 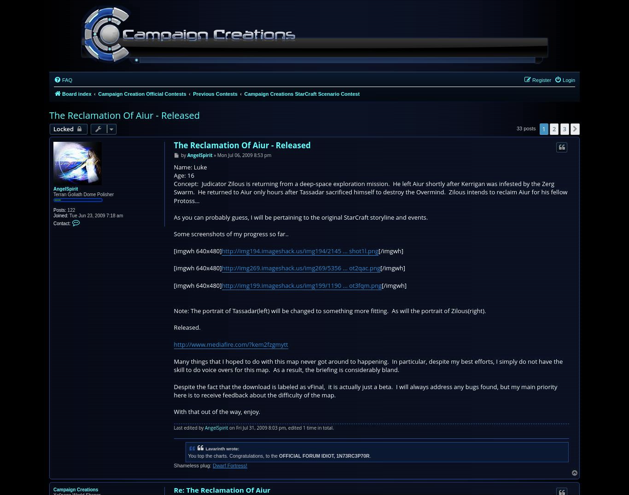 I want to click on 'Register', so click(x=532, y=80).